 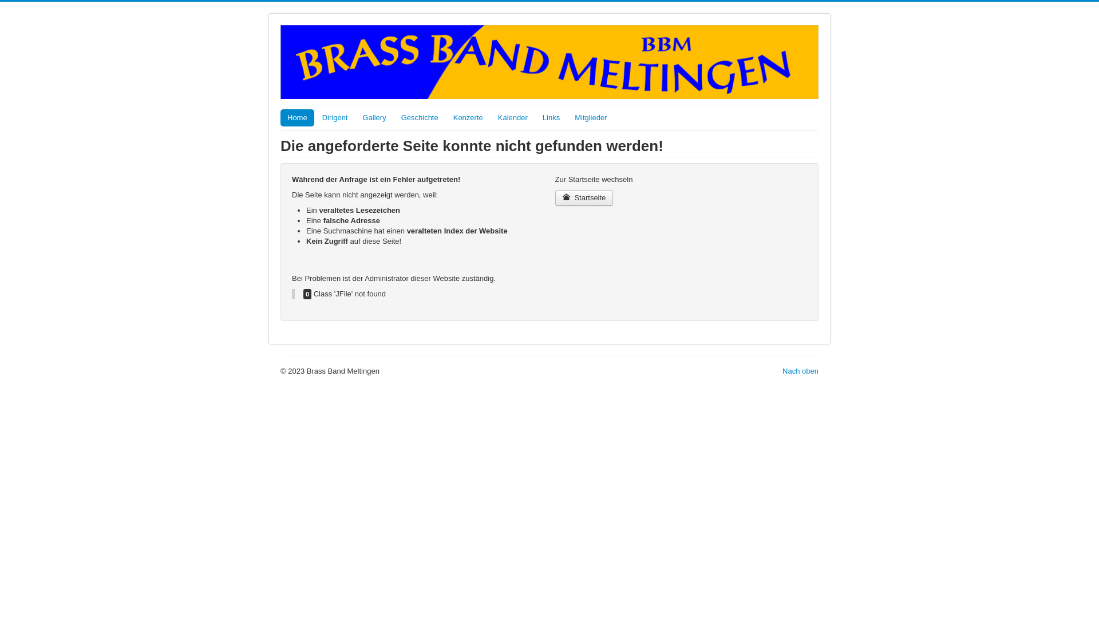 I want to click on 'Konzerte', so click(x=468, y=117).